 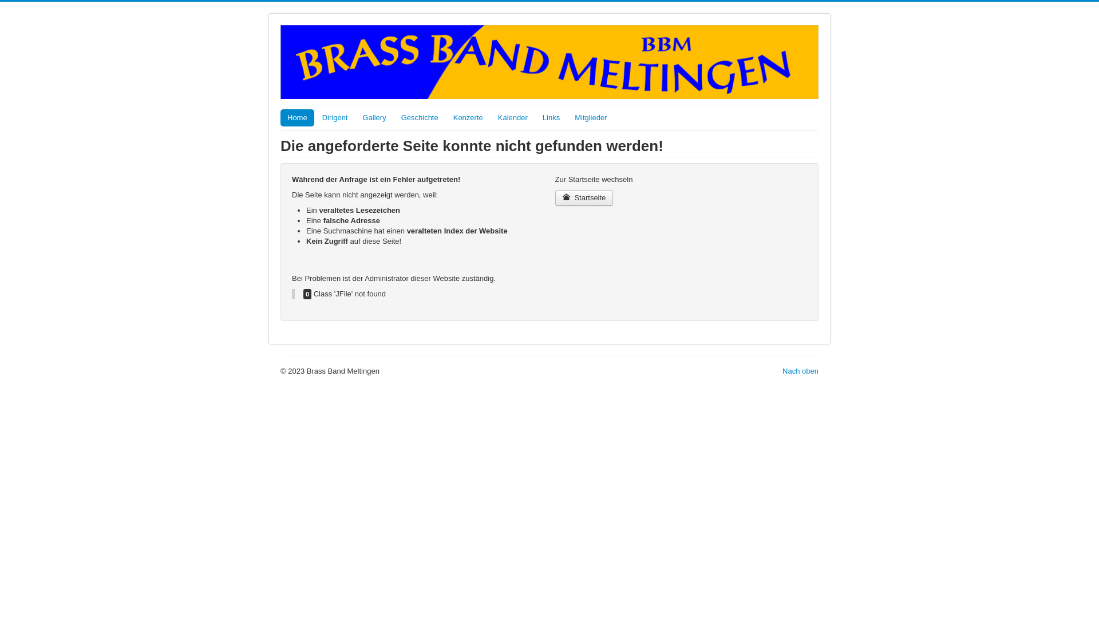 I want to click on 'Konzerte', so click(x=468, y=117).